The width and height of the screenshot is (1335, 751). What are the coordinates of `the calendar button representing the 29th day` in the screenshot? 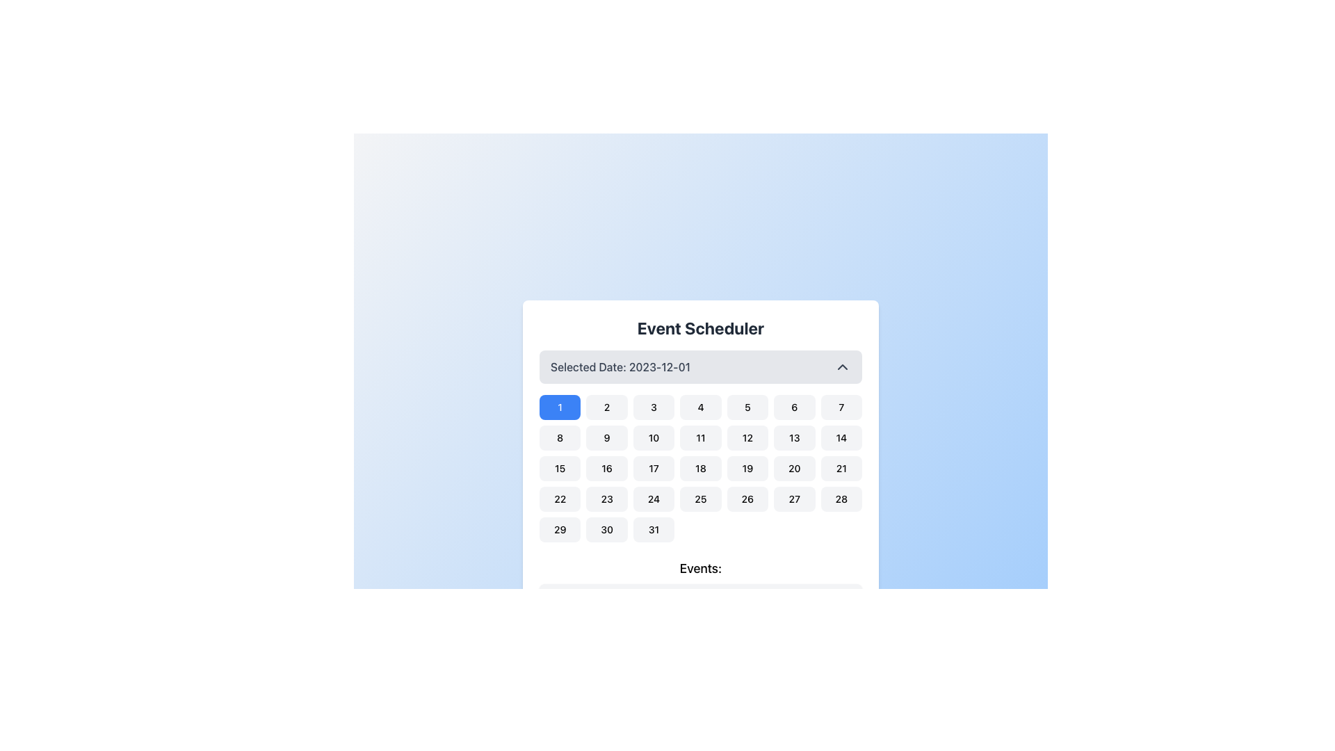 It's located at (560, 530).